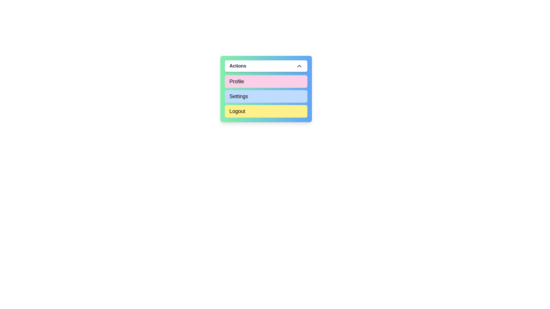  What do you see at coordinates (266, 96) in the screenshot?
I see `the 'Settings' button located in the vertical menu panel, positioned beneath the 'Profile' button and above the 'Logout' button` at bounding box center [266, 96].